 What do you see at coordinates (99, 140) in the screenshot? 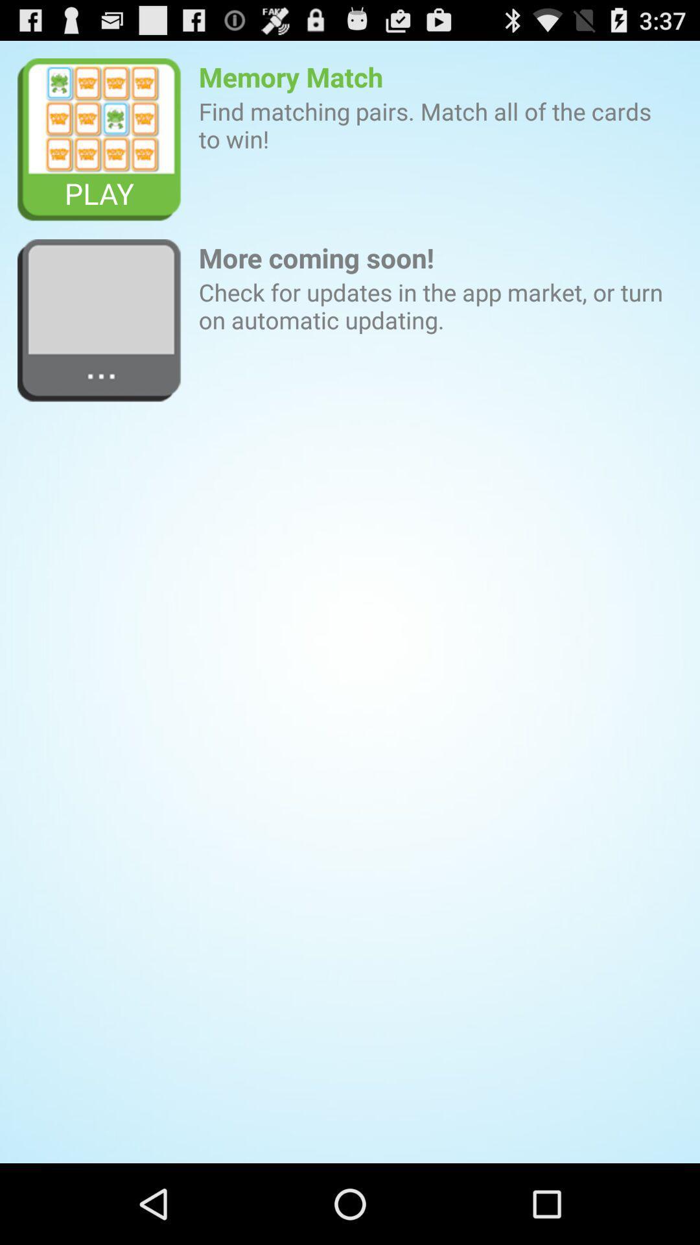
I see `the item next to memory match` at bounding box center [99, 140].